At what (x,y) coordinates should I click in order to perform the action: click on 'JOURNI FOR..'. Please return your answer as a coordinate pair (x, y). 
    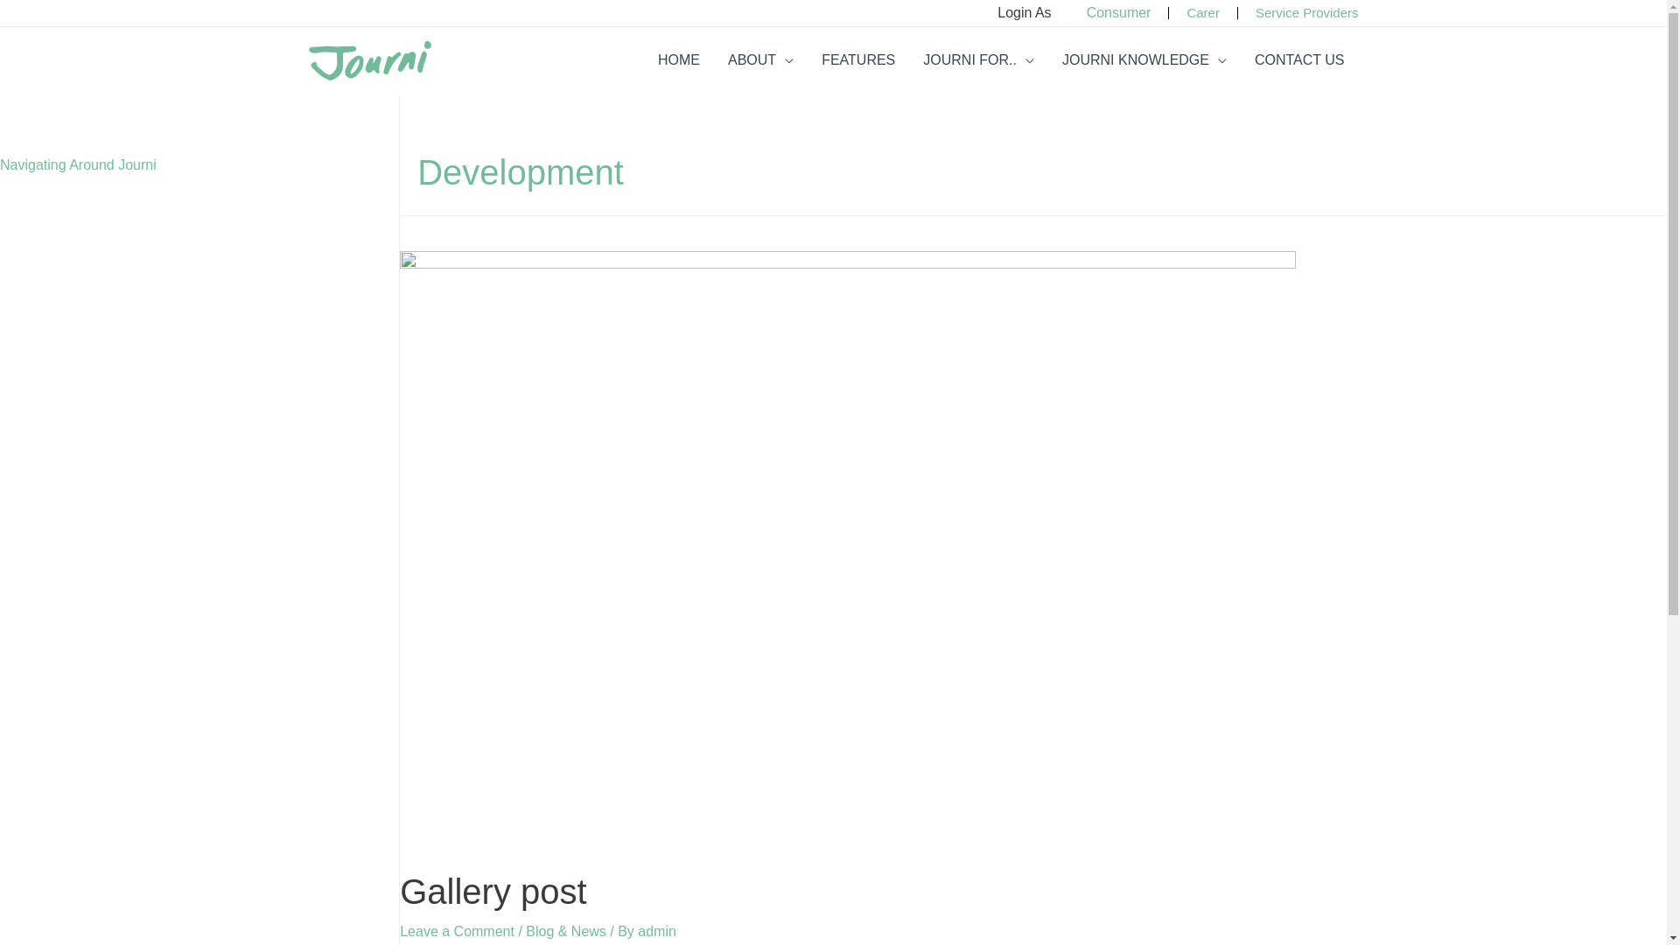
    Looking at the image, I should click on (977, 59).